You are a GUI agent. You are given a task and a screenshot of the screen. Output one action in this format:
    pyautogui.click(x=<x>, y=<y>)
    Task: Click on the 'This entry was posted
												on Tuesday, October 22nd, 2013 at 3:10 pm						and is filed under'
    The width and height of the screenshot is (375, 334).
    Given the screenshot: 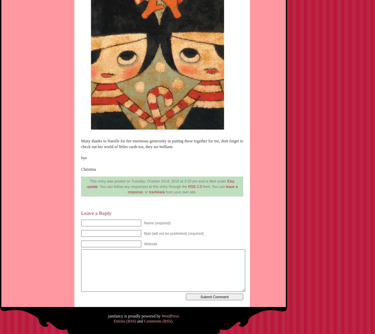 What is the action you would take?
    pyautogui.click(x=158, y=180)
    